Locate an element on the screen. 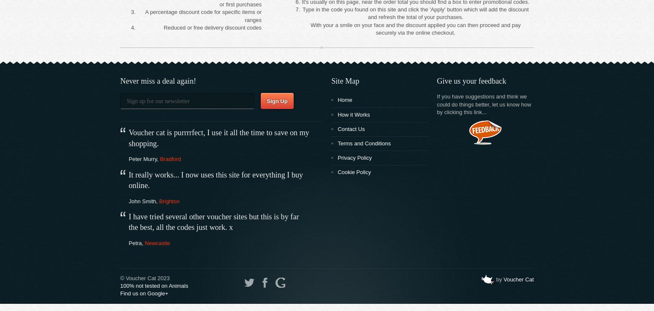  'With your a smile on your face and the discount applied you can then proceed and pay securely via the online checkout.' is located at coordinates (415, 28).